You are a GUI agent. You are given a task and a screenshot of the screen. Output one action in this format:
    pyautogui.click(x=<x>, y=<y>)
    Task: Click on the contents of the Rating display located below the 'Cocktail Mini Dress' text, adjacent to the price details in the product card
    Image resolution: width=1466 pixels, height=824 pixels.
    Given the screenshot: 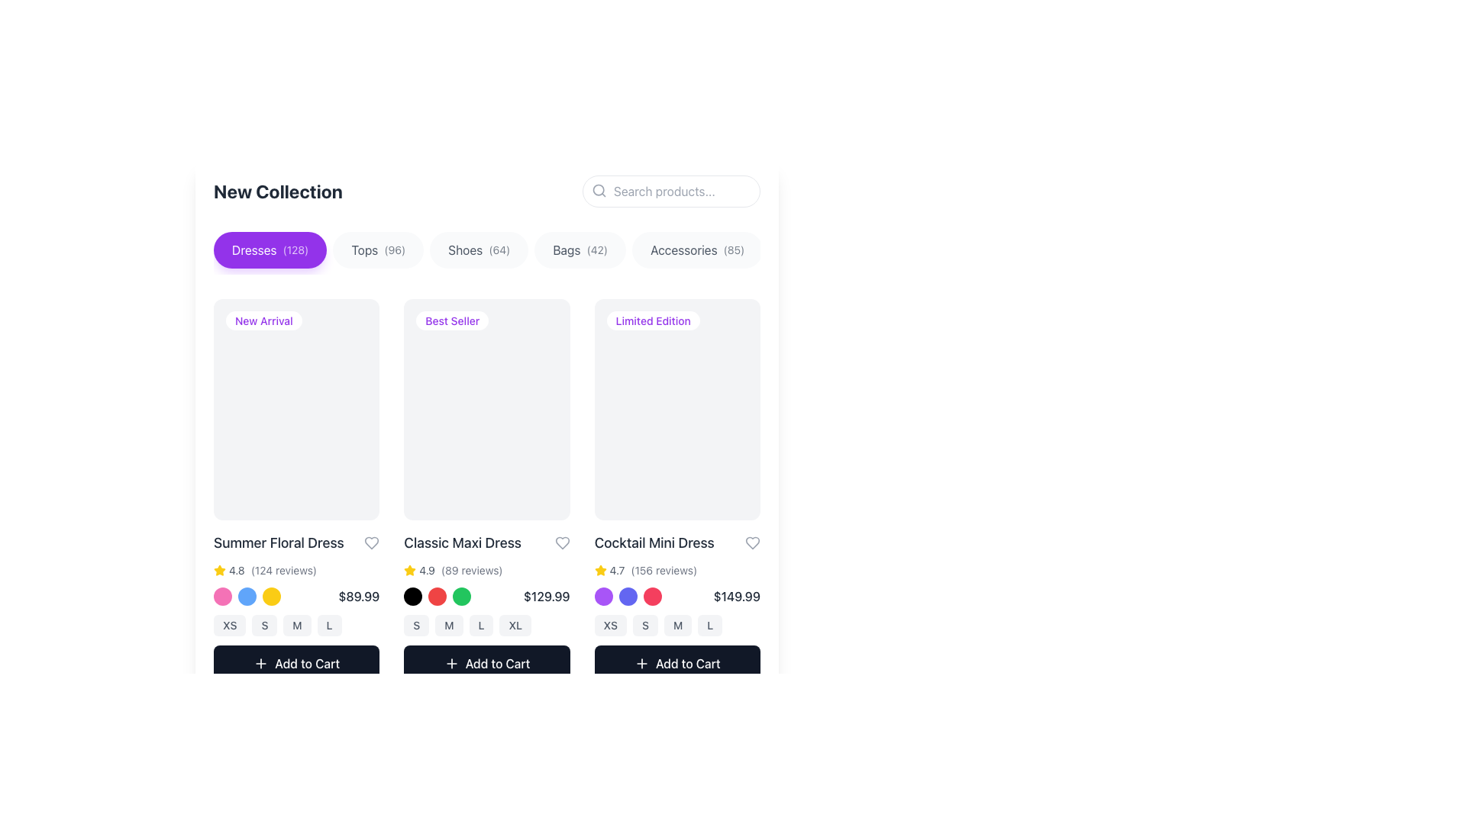 What is the action you would take?
    pyautogui.click(x=676, y=570)
    